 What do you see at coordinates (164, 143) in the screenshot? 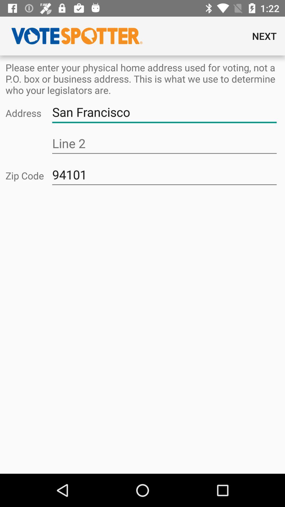
I see `further address info` at bounding box center [164, 143].